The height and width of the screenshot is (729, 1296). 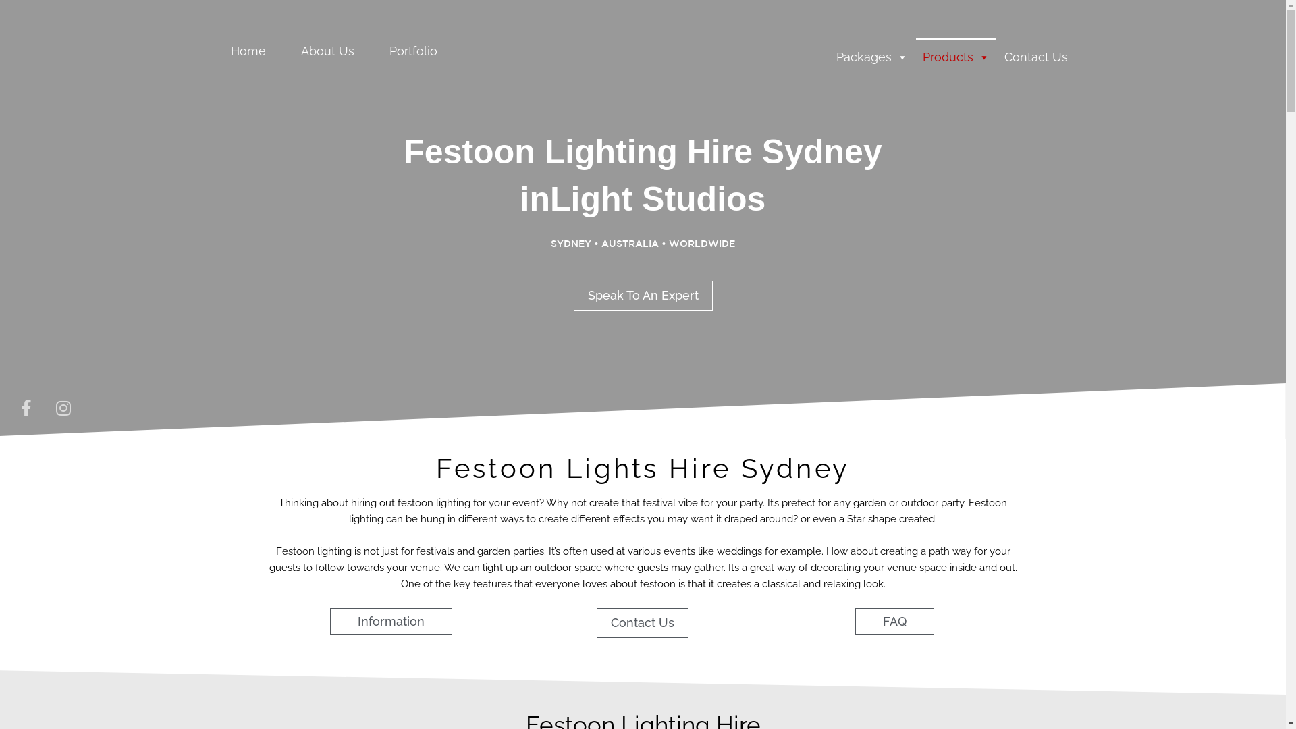 What do you see at coordinates (1035, 51) in the screenshot?
I see `'Contact Us'` at bounding box center [1035, 51].